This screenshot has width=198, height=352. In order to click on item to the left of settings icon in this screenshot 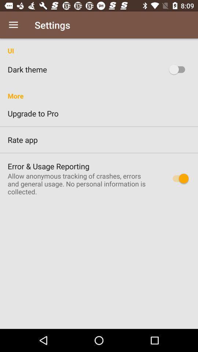, I will do `click(13, 25)`.